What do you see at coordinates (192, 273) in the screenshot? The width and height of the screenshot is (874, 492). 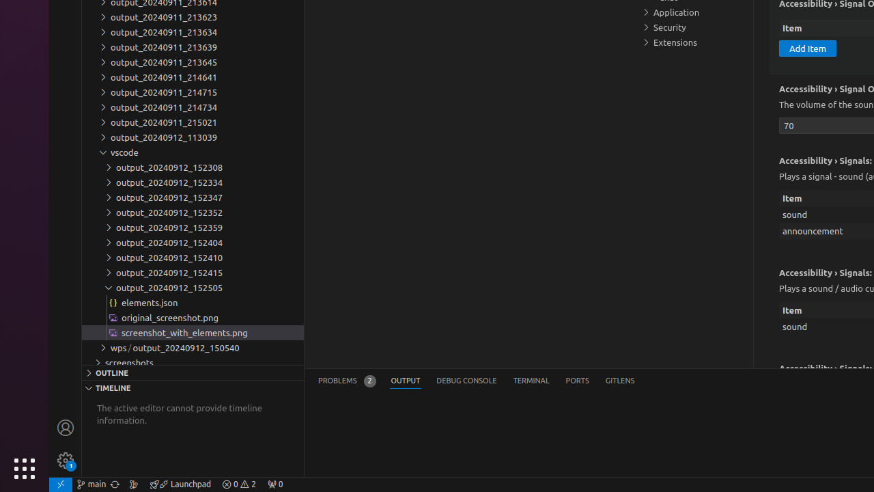 I see `'output_20240912_152415'` at bounding box center [192, 273].